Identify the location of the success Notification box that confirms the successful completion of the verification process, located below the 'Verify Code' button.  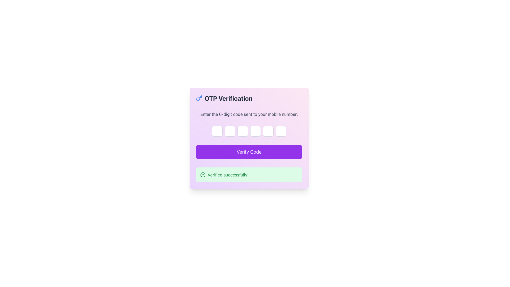
(249, 175).